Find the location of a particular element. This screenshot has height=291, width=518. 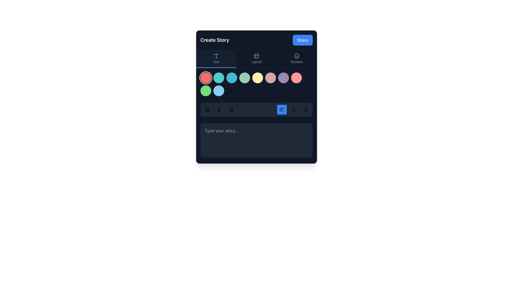

the small text label displaying 'Text', which is light blue and located below the 'T' icon in a group of buttons at the top of the interface is located at coordinates (216, 62).